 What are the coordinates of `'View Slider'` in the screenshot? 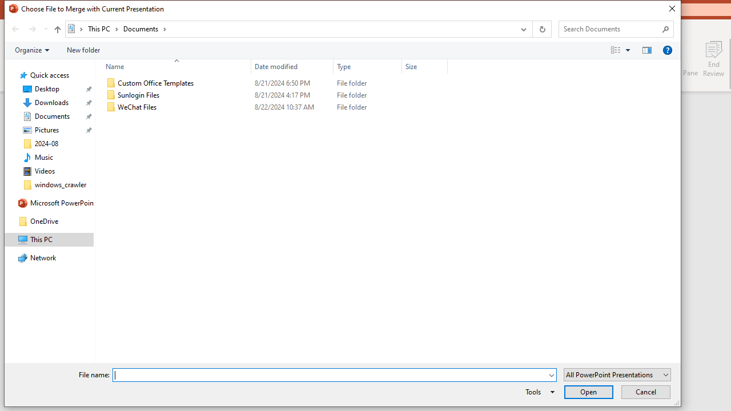 It's located at (627, 49).